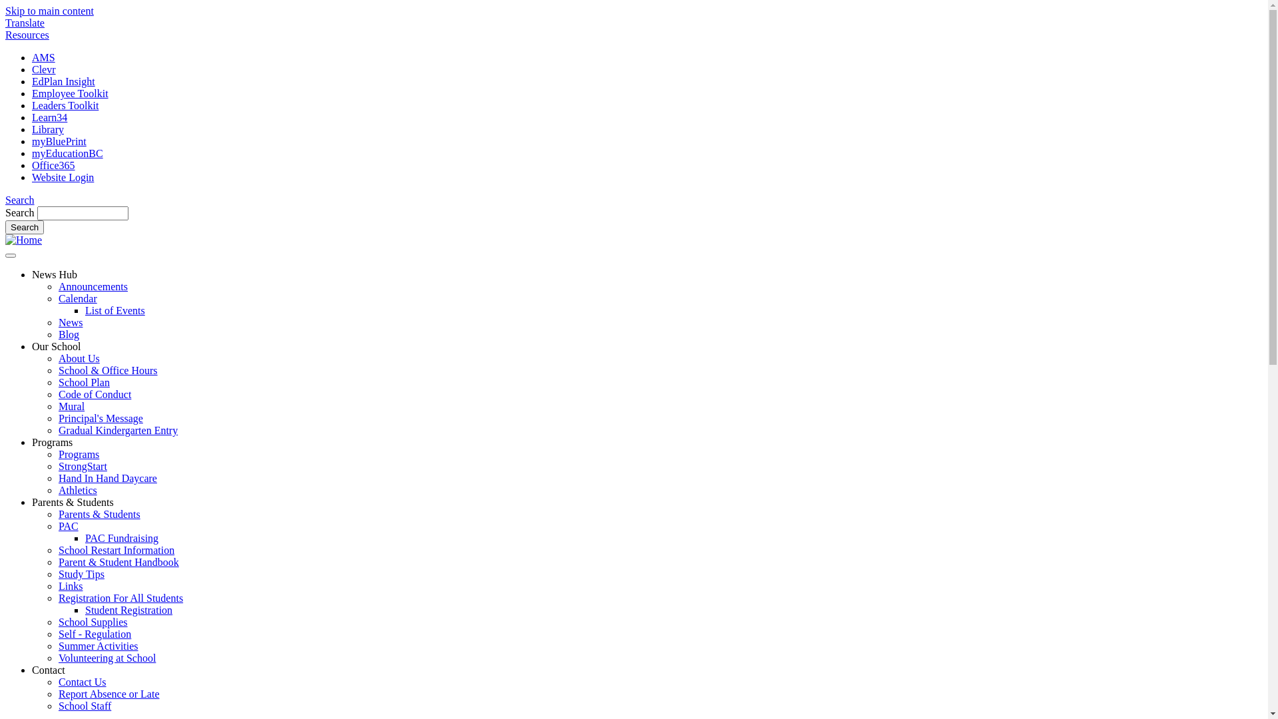  Describe the element at coordinates (92, 622) in the screenshot. I see `'School Supplies'` at that location.